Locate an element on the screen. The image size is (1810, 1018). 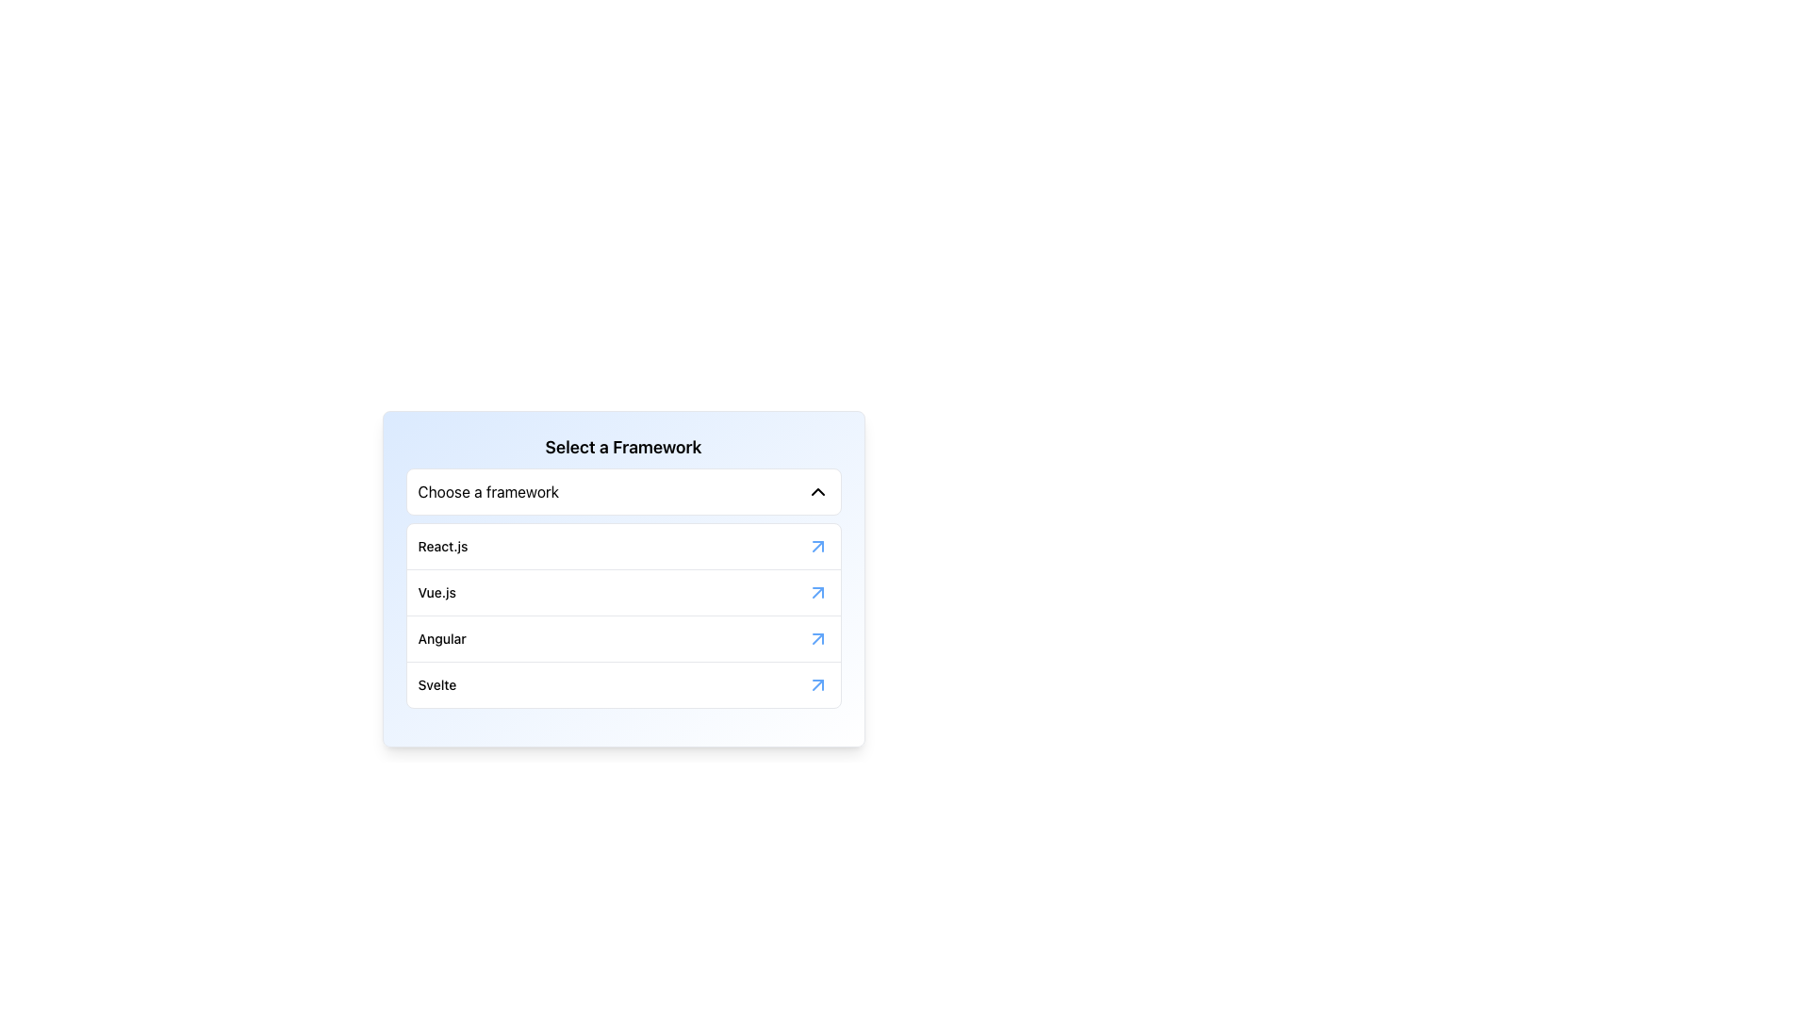
the selection list under the 'Choose a framework' dropdown is located at coordinates (623, 616).